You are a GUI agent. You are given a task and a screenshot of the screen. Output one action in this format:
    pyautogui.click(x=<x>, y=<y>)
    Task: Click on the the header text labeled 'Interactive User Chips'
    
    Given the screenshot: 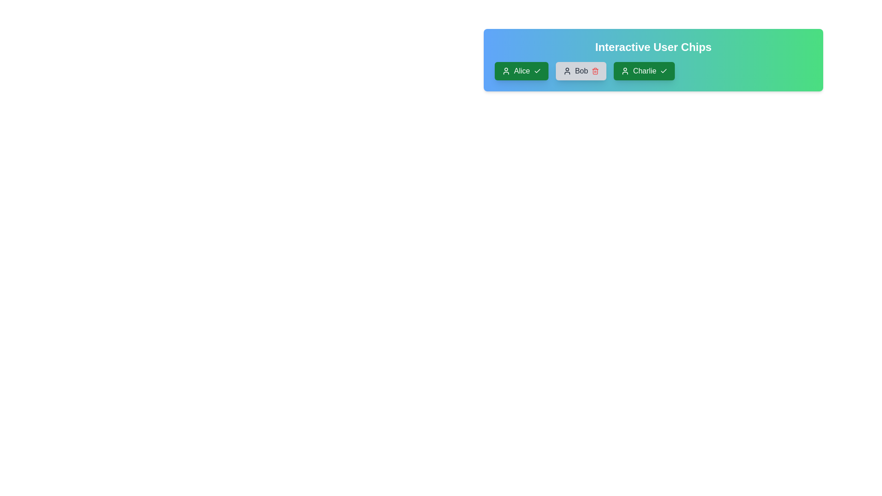 What is the action you would take?
    pyautogui.click(x=653, y=47)
    